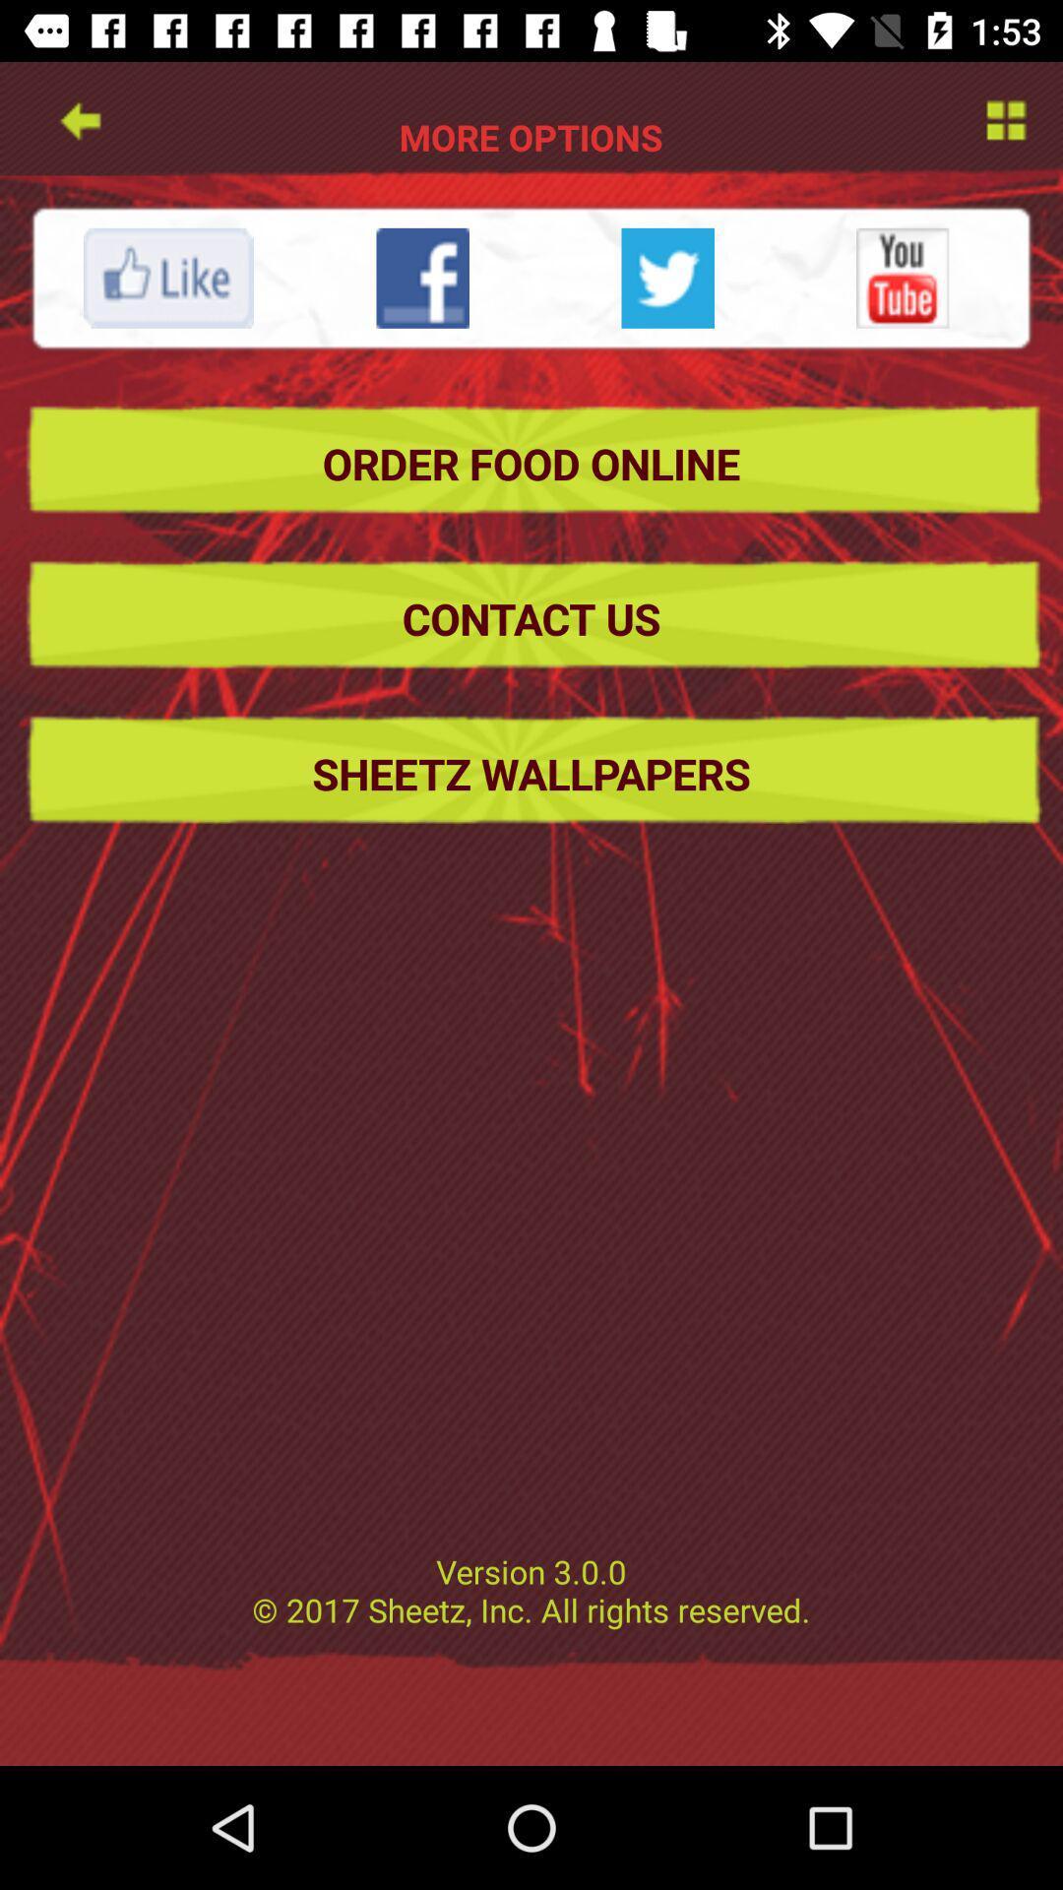 The width and height of the screenshot is (1063, 1890). I want to click on setting, so click(1005, 117).